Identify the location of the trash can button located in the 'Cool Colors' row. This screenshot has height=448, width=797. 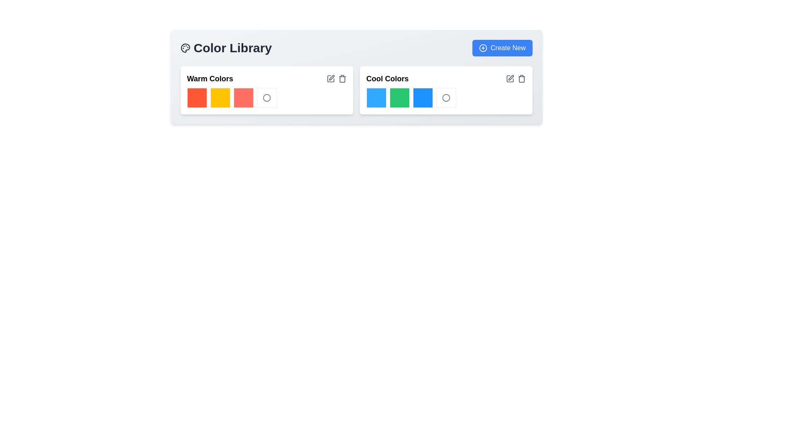
(515, 78).